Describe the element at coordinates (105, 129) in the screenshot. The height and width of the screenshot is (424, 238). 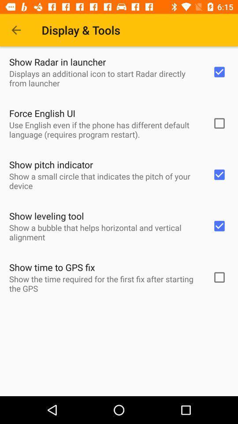
I see `use english even item` at that location.